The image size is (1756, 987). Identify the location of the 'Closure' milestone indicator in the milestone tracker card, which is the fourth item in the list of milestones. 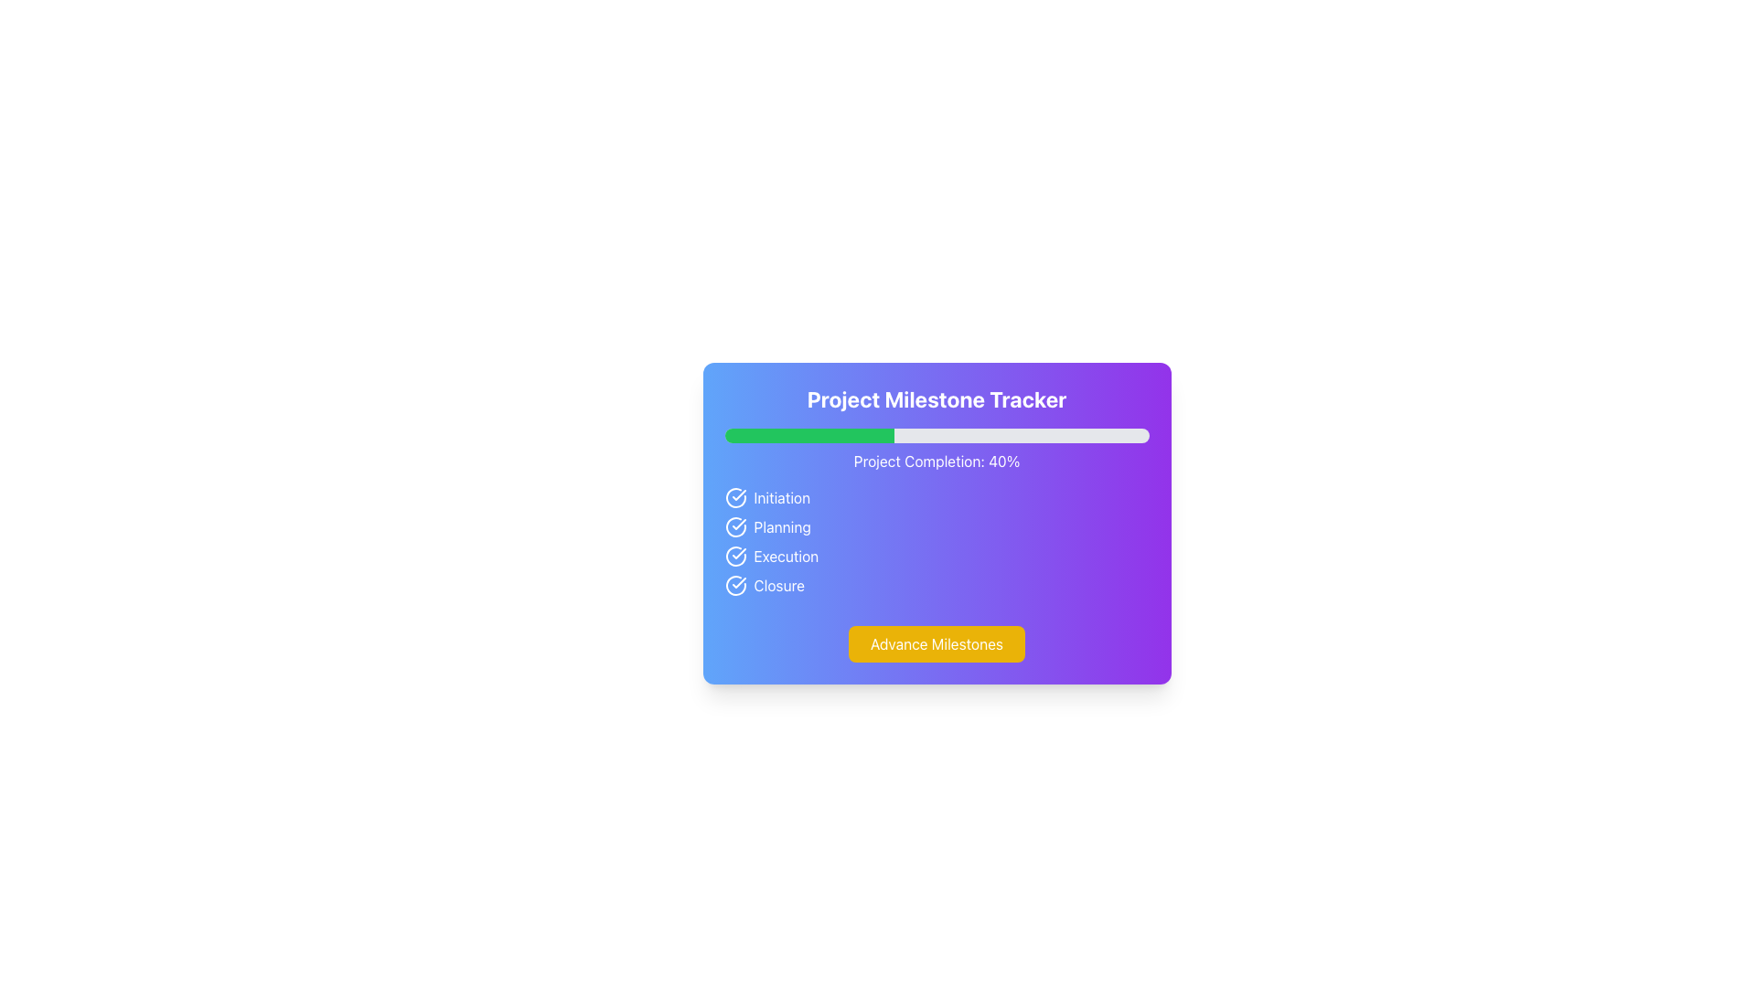
(937, 585).